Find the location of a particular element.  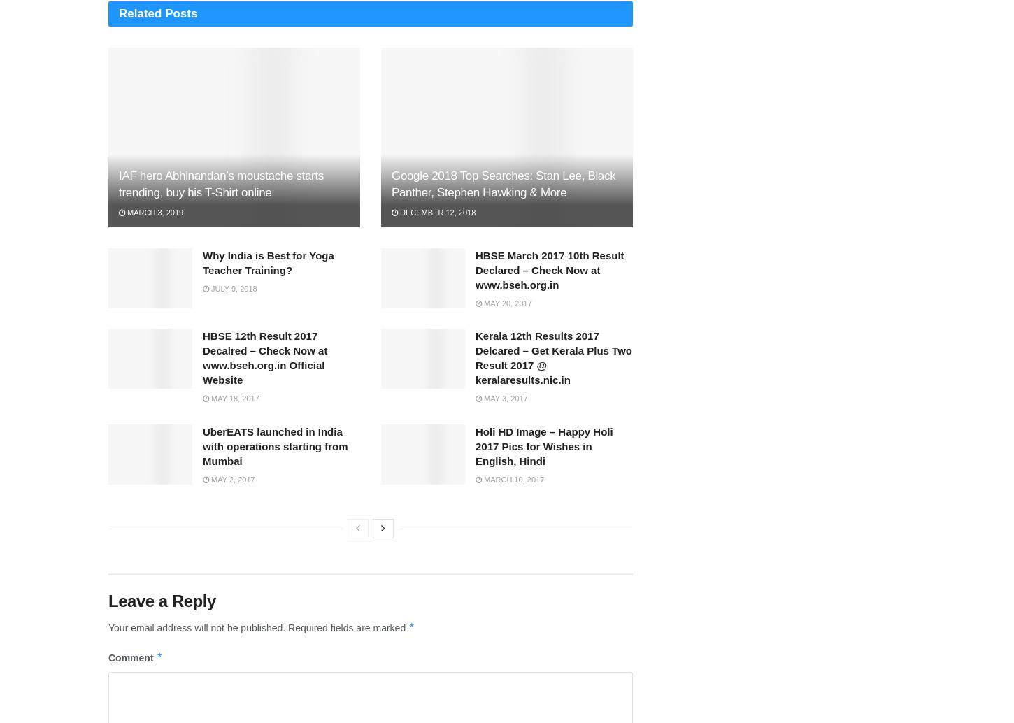

'Posts' is located at coordinates (179, 13).